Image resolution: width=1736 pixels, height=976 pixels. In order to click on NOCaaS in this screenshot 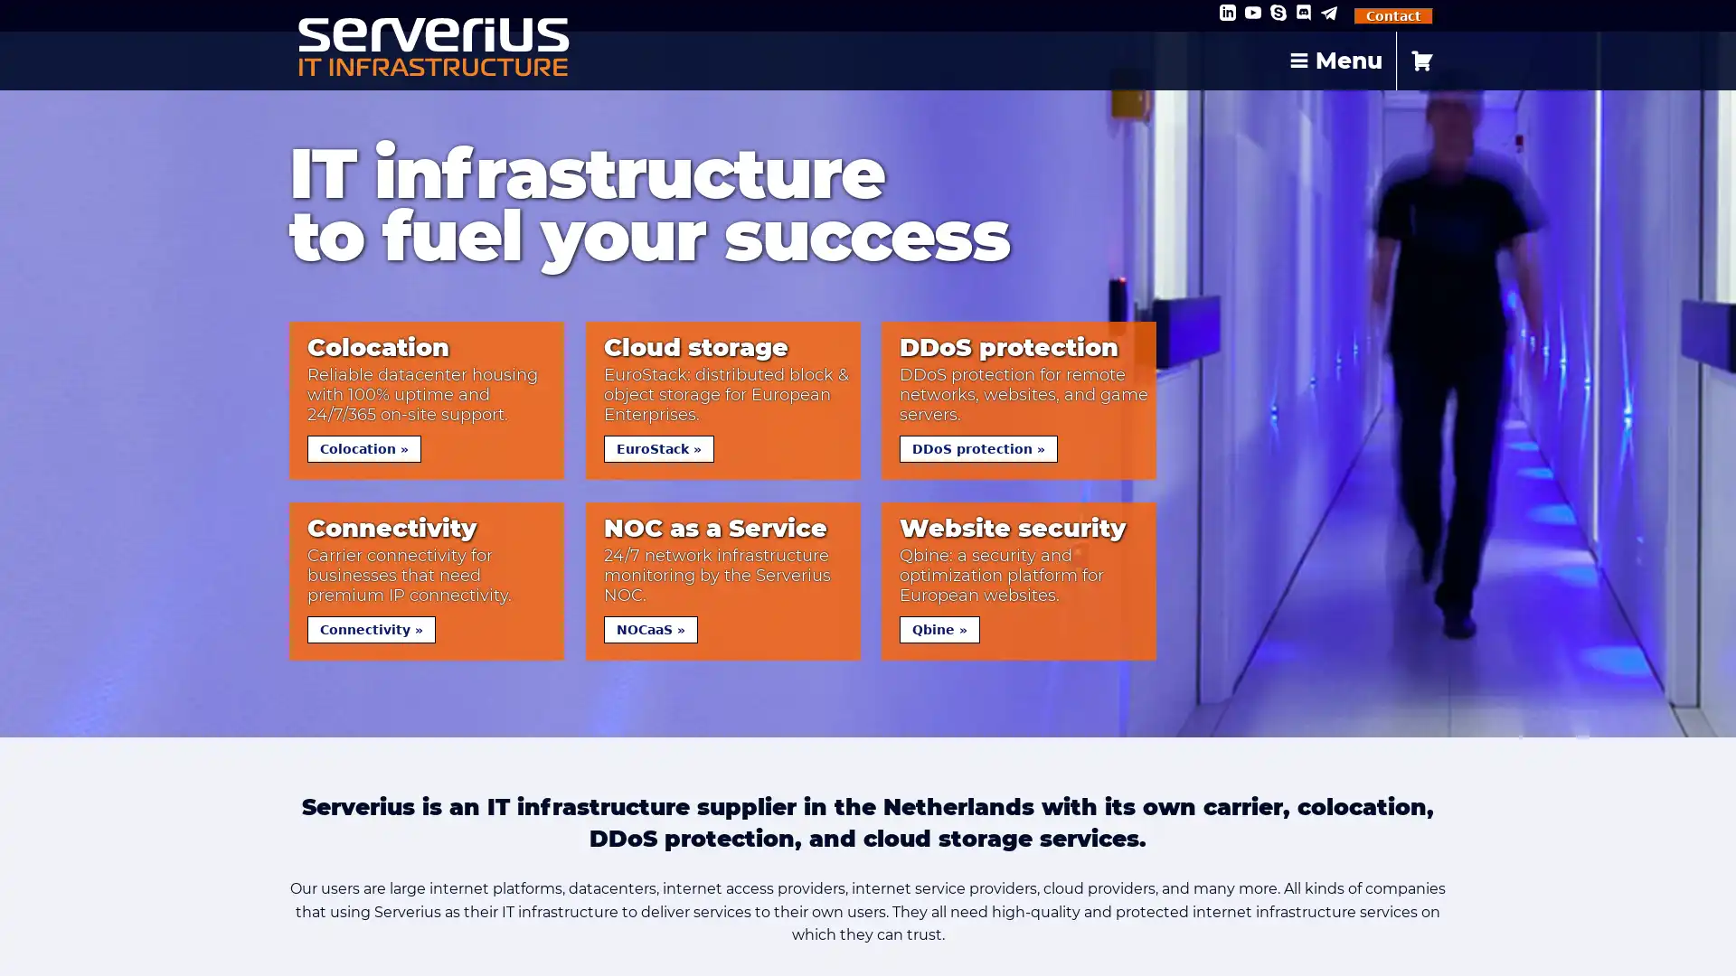, I will do `click(650, 627)`.